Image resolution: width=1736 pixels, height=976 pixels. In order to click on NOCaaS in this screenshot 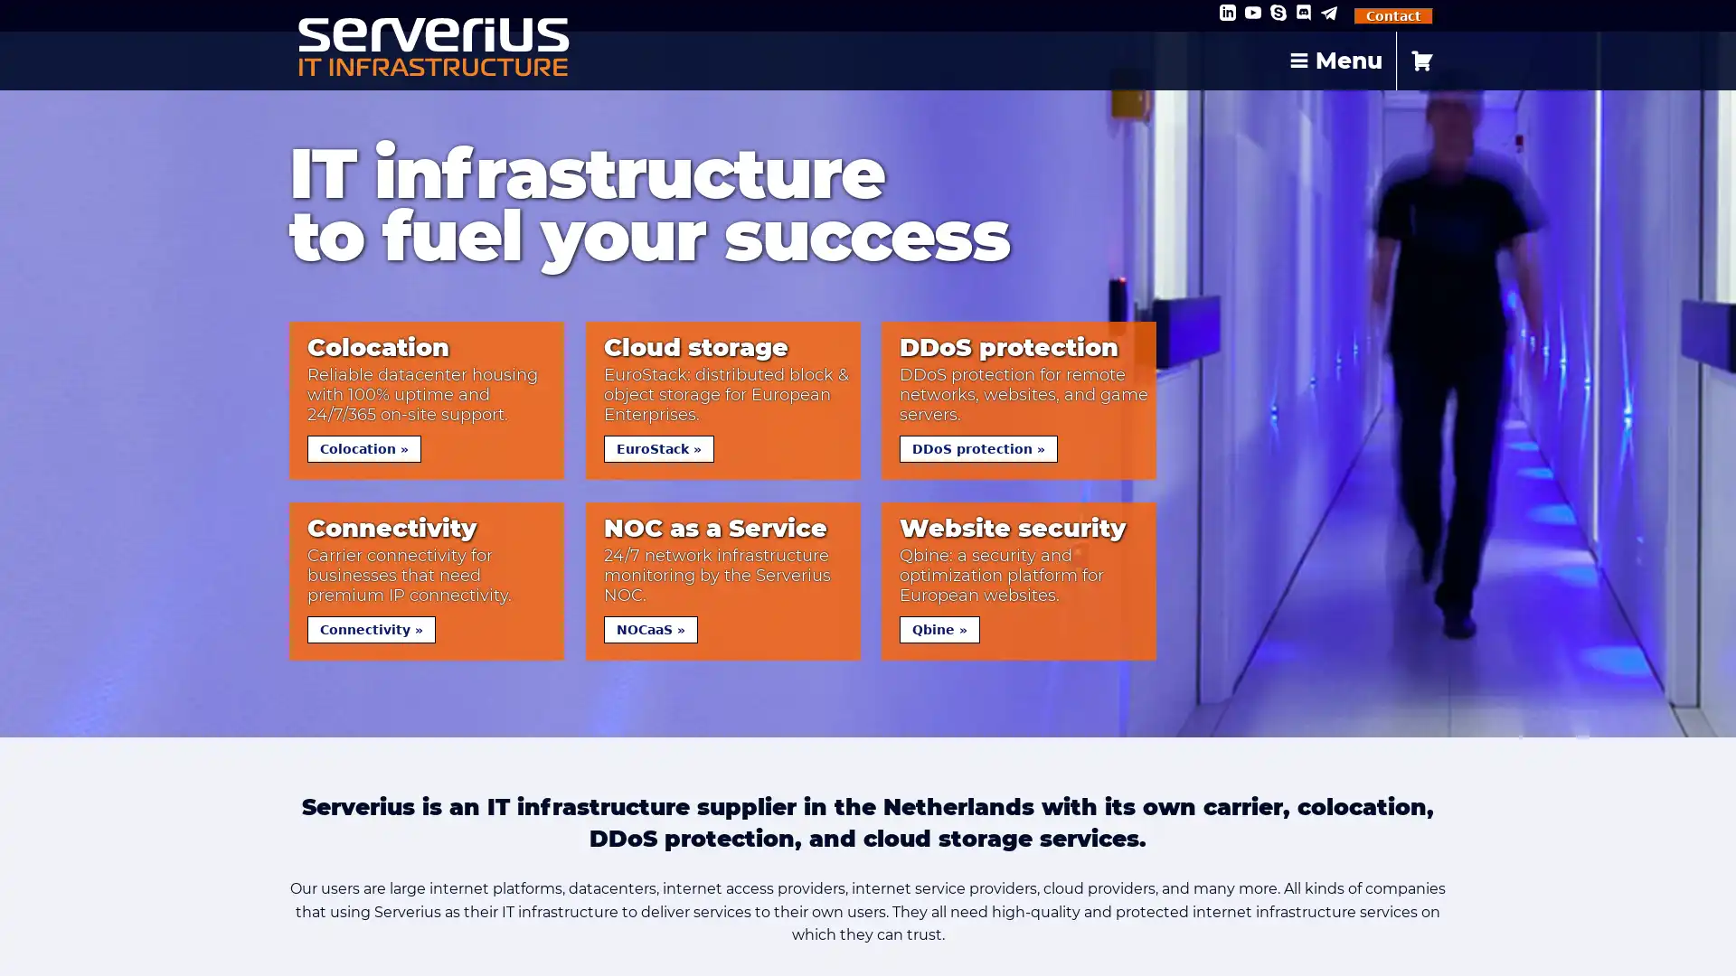, I will do `click(650, 627)`.